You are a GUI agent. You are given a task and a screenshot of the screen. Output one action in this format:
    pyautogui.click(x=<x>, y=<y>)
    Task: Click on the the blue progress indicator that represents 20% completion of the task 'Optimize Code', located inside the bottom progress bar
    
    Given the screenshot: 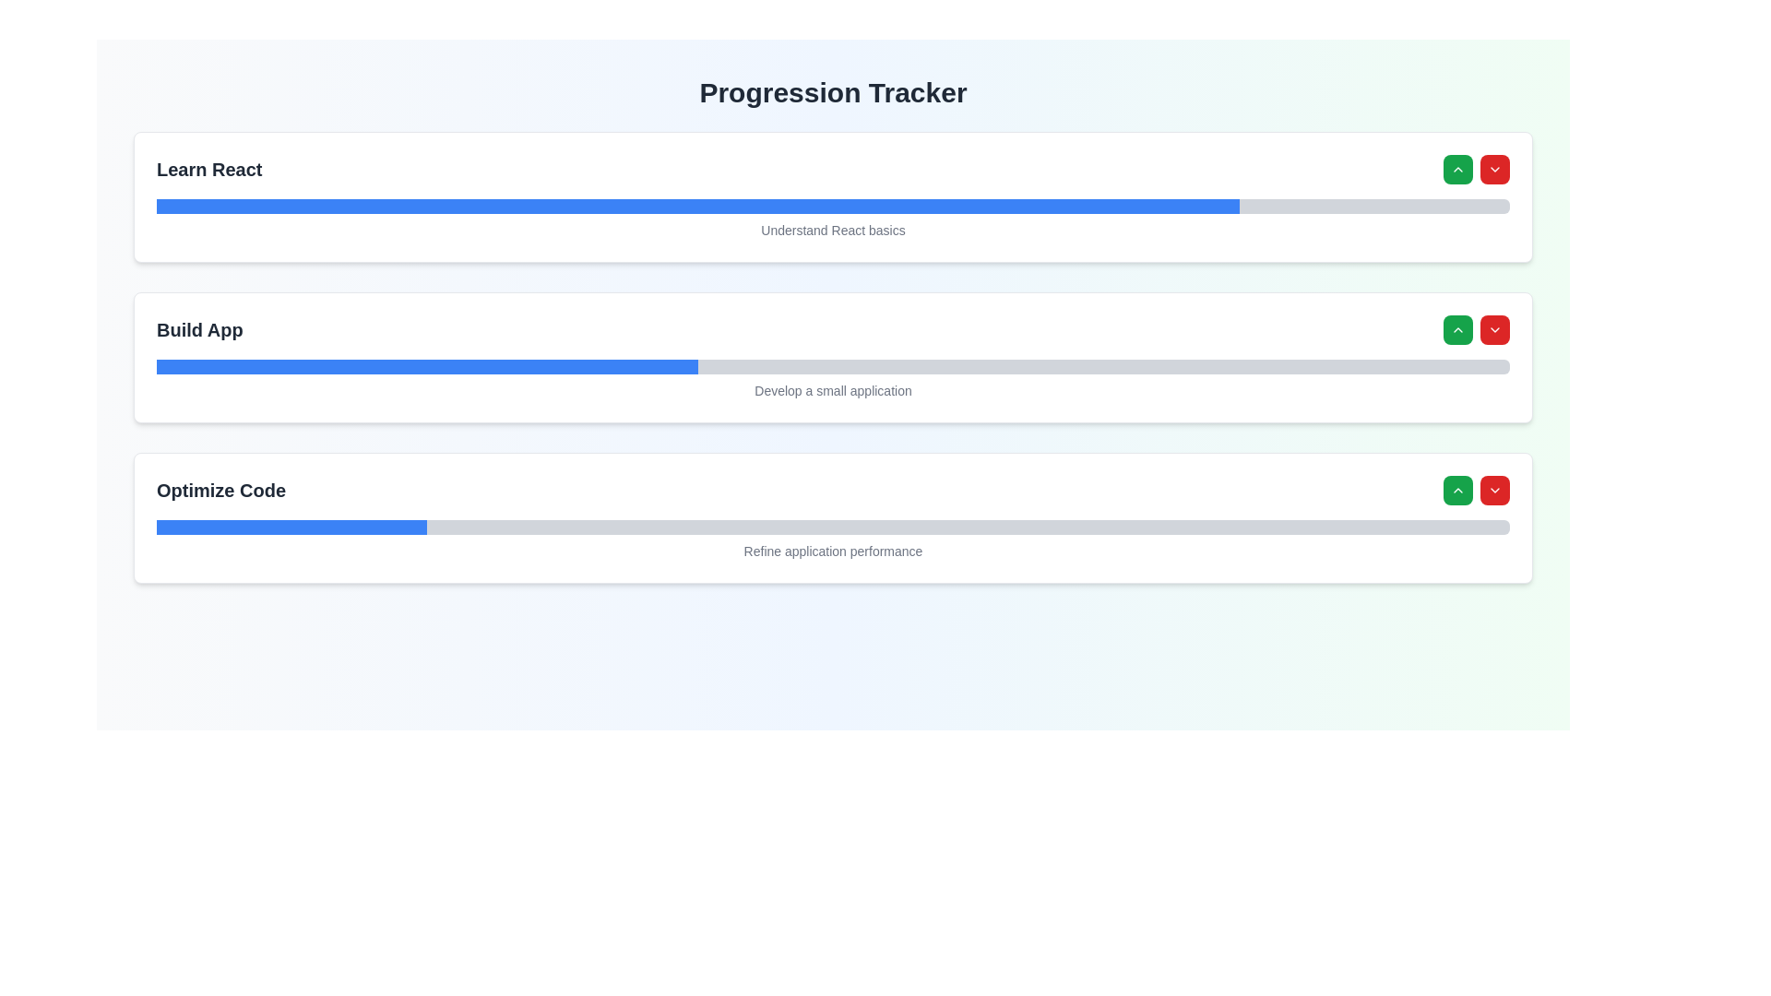 What is the action you would take?
    pyautogui.click(x=291, y=527)
    